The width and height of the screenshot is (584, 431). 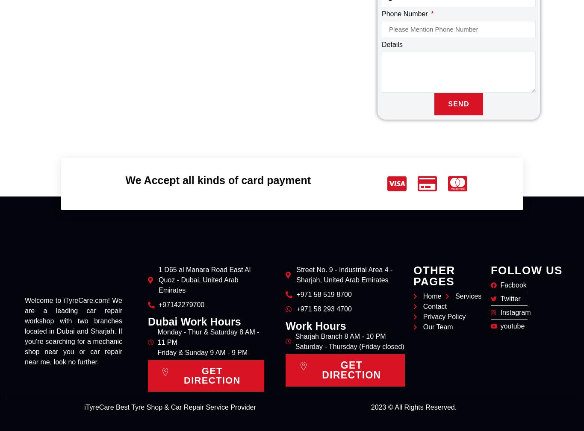 What do you see at coordinates (73, 331) in the screenshot?
I see `'Welcome to iTyreCare.com! We are a leading car repair workshop with two branches located in Dubai and Sharjah. If you’re searching for a mechanic shop near you or car repair near me, look no further.'` at bounding box center [73, 331].